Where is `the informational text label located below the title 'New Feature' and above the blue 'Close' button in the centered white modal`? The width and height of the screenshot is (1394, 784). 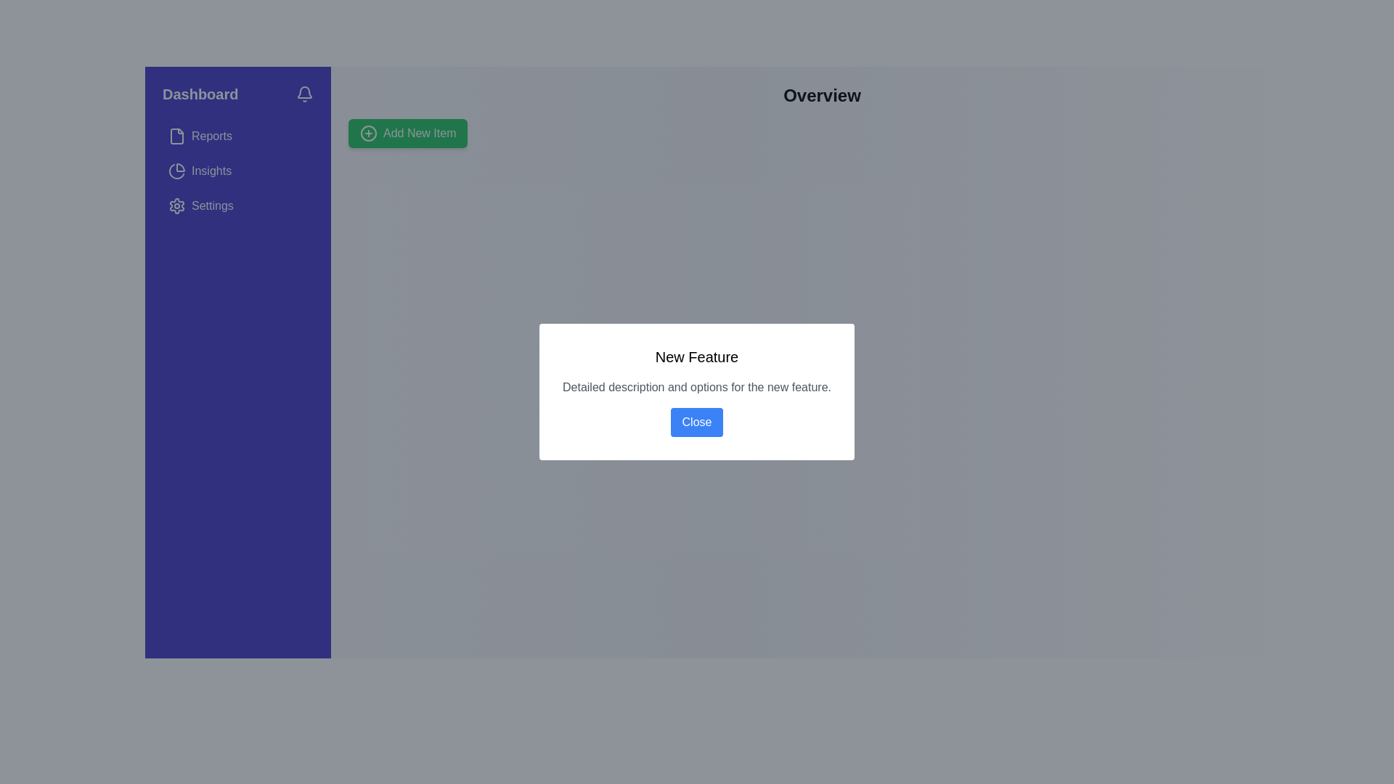
the informational text label located below the title 'New Feature' and above the blue 'Close' button in the centered white modal is located at coordinates (697, 386).